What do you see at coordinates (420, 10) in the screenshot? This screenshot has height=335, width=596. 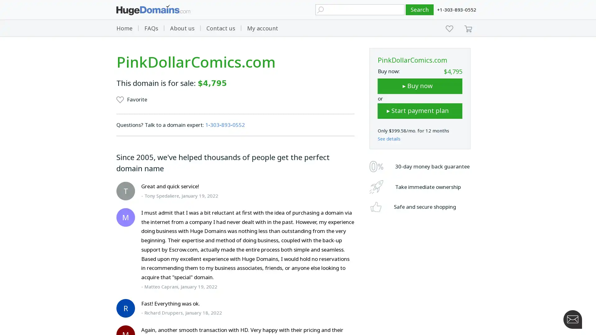 I see `Search` at bounding box center [420, 10].